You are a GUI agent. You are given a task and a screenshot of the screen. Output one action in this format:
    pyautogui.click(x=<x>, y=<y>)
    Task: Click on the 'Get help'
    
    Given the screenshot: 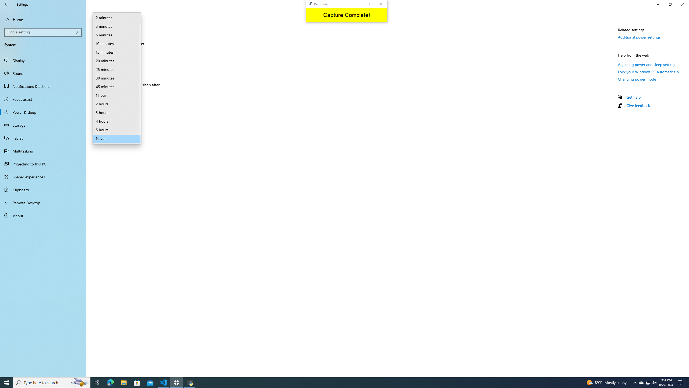 What is the action you would take?
    pyautogui.click(x=633, y=97)
    